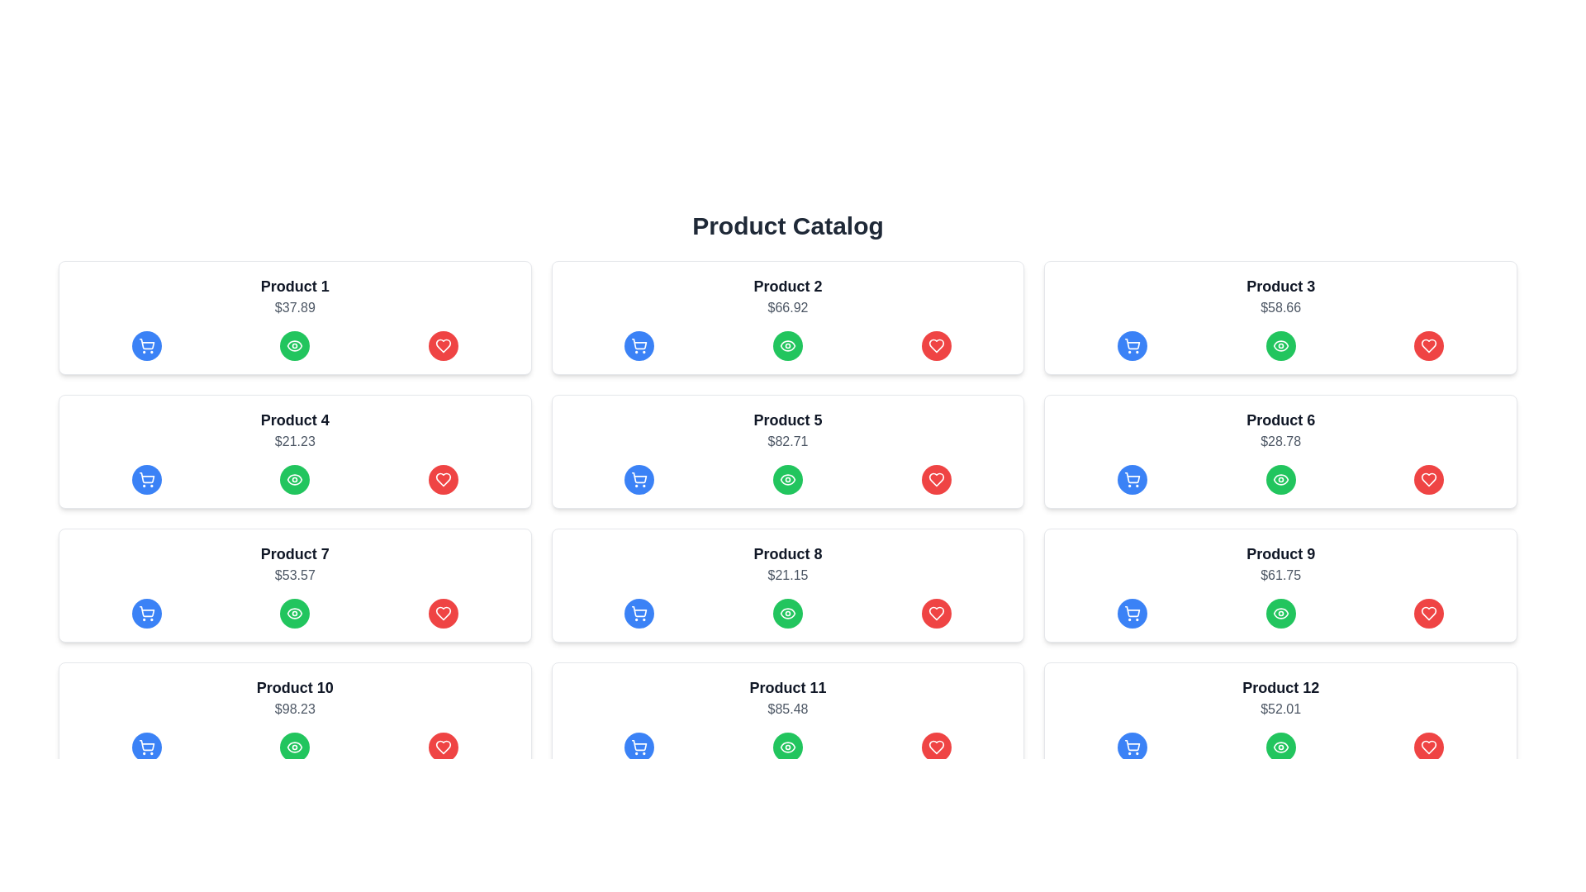  What do you see at coordinates (1428, 614) in the screenshot?
I see `the heart-shaped icon in the 'Product Catalog' interface to mark the product as favorite` at bounding box center [1428, 614].